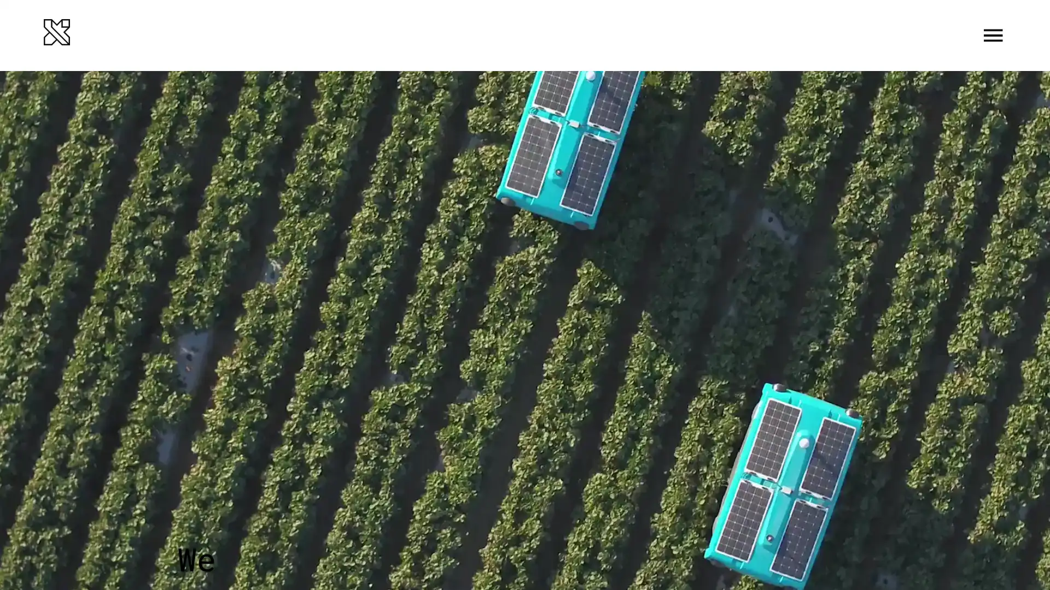  Describe the element at coordinates (554, 299) in the screenshot. I see `Ten years of learning Over the course of 10 years, X learns a lot about some of the processes and cultural habits that help systematize innovation. For our 10th anniversary, we share the Gimbal  our internal guide to invention and innovation  alongside other tips for unleashing radical creativity that anyone can put into practice.` at that location.